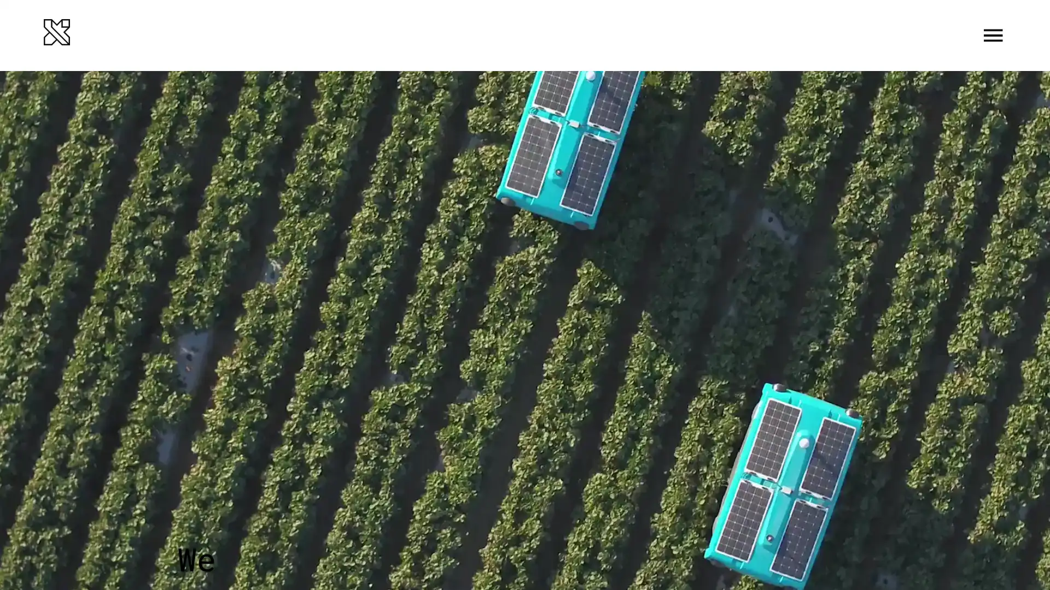  Describe the element at coordinates (554, 299) in the screenshot. I see `Ten years of learning Over the course of 10 years, X learns a lot about some of the processes and cultural habits that help systematize innovation. For our 10th anniversary, we share the Gimbal  our internal guide to invention and innovation  alongside other tips for unleashing radical creativity that anyone can put into practice.` at that location.